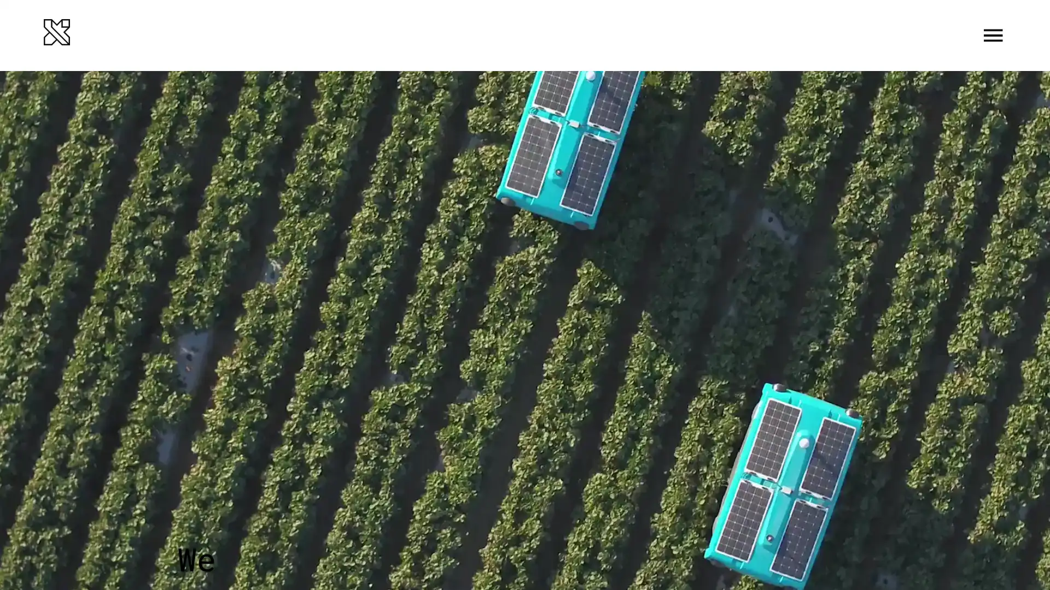  Describe the element at coordinates (554, 299) in the screenshot. I see `Ten years of learning Over the course of 10 years, X learns a lot about some of the processes and cultural habits that help systematize innovation. For our 10th anniversary, we share the Gimbal  our internal guide to invention and innovation  alongside other tips for unleashing radical creativity that anyone can put into practice.` at that location.